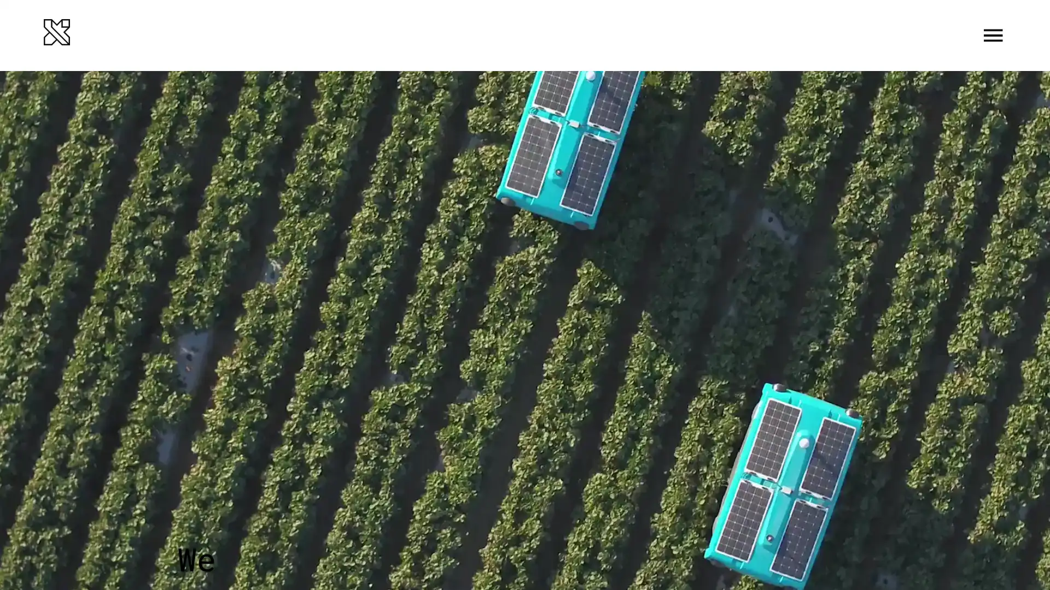  Describe the element at coordinates (554, 299) in the screenshot. I see `Ten years of learning Over the course of 10 years, X learns a lot about some of the processes and cultural habits that help systematize innovation. For our 10th anniversary, we share the Gimbal  our internal guide to invention and innovation  alongside other tips for unleashing radical creativity that anyone can put into practice.` at that location.